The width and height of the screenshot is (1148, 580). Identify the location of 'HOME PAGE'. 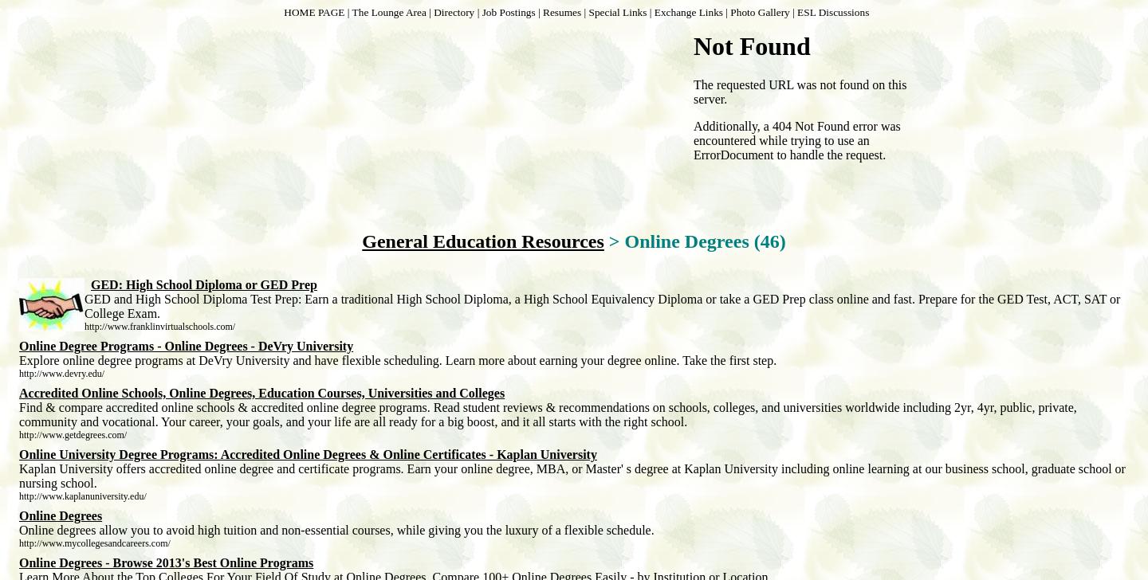
(313, 12).